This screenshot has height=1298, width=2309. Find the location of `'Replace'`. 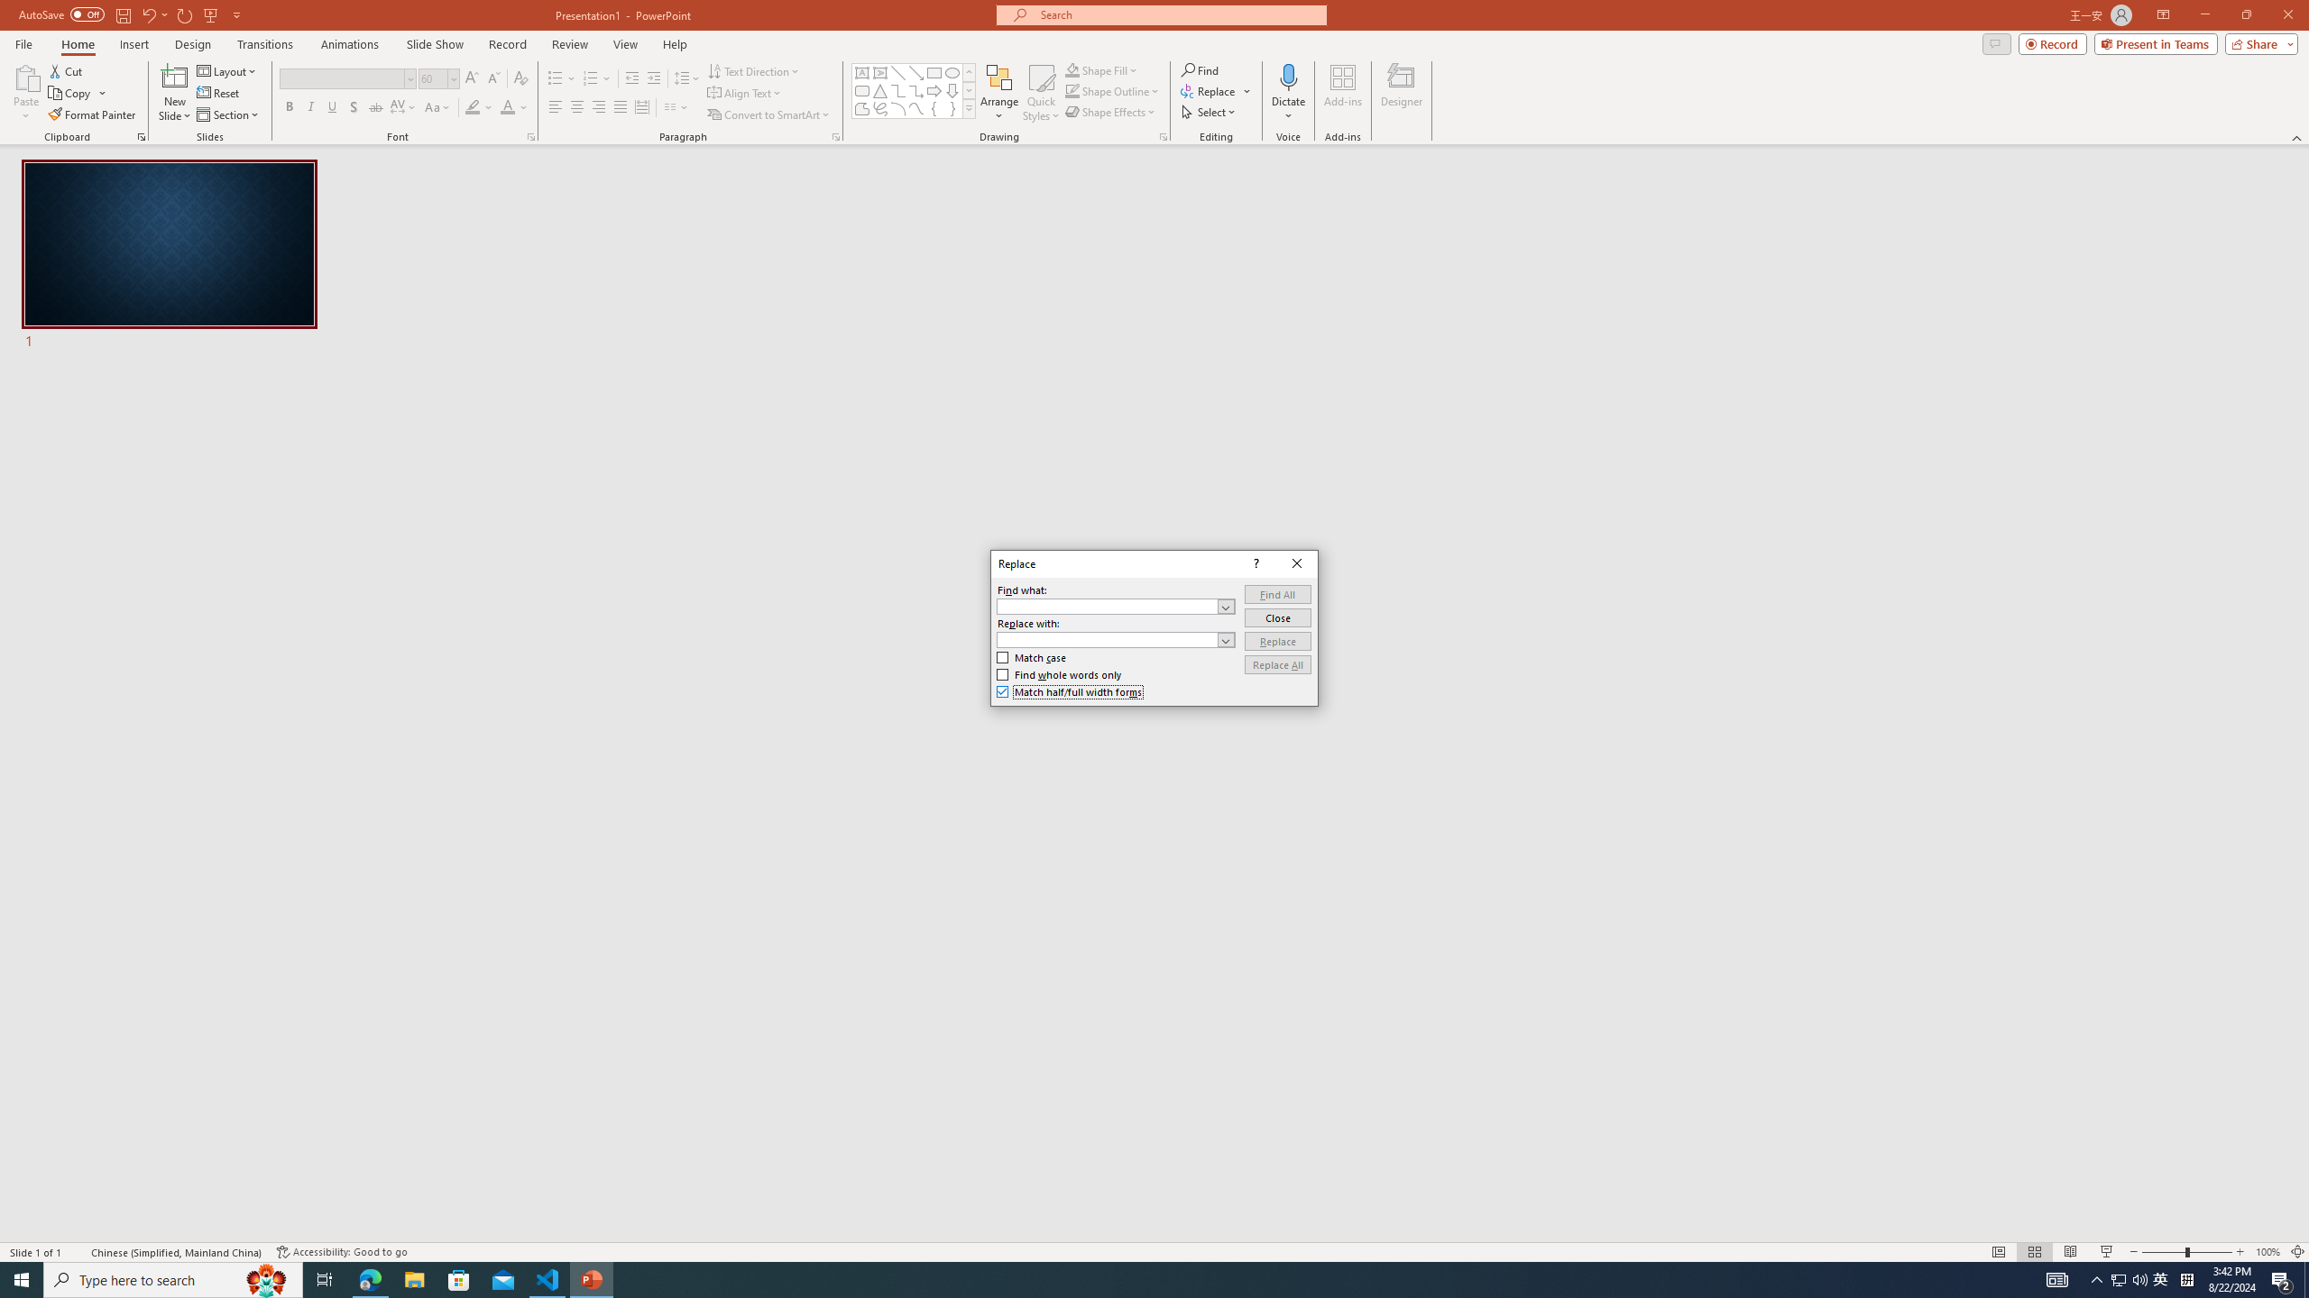

'Replace' is located at coordinates (1276, 641).